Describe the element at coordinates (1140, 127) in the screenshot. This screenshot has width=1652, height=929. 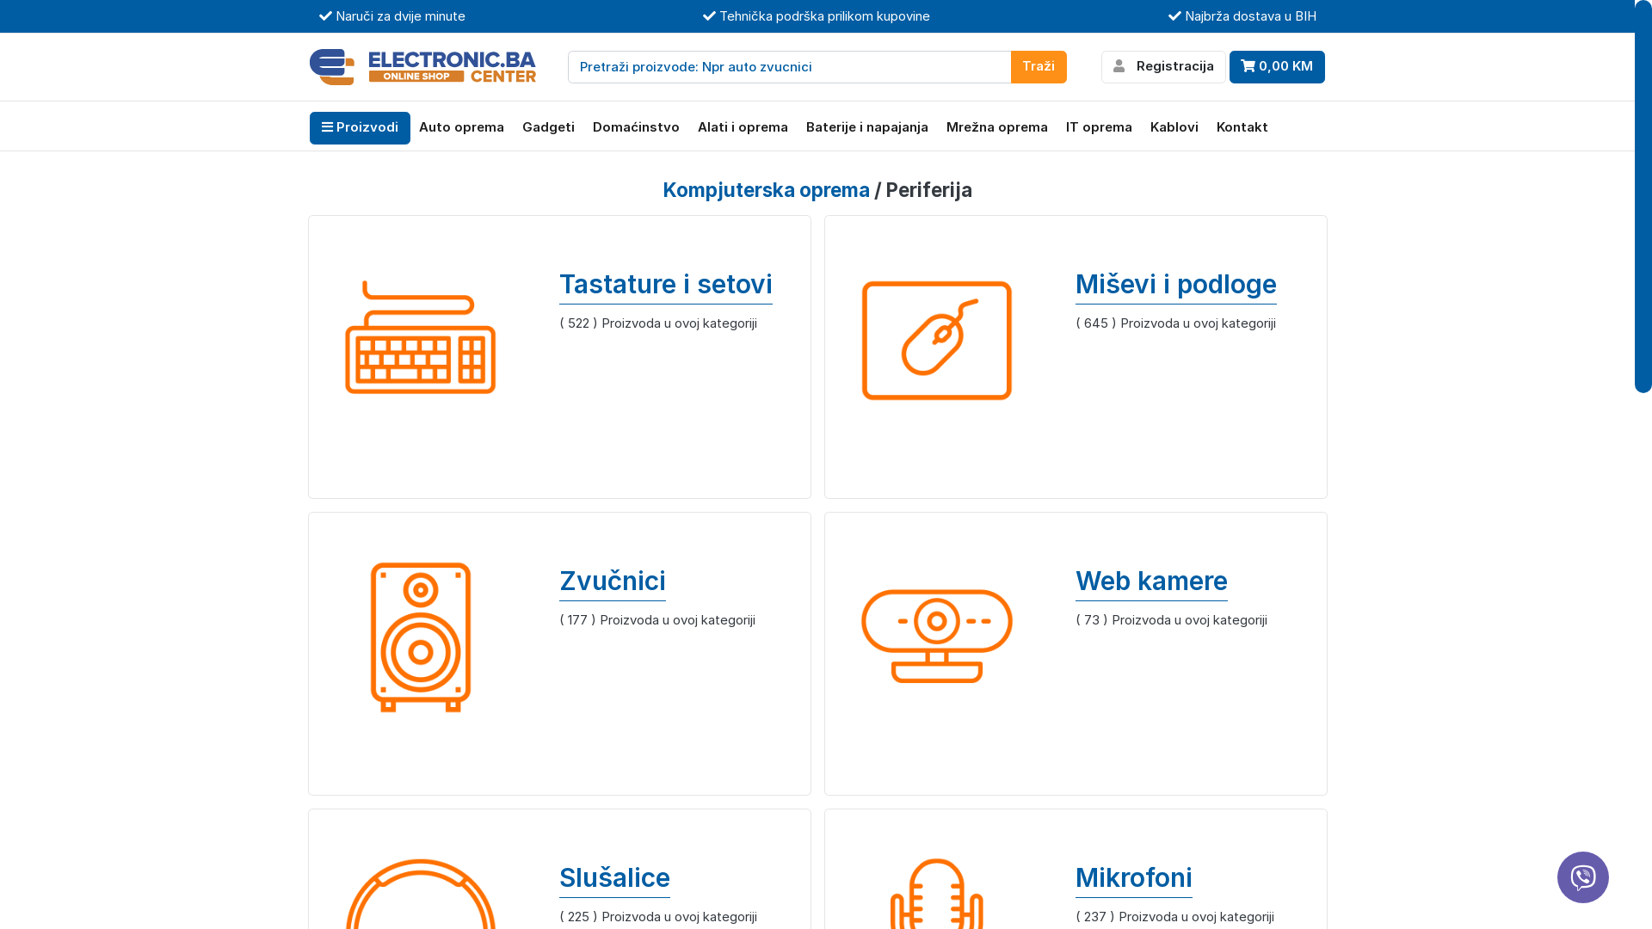
I see `'Kablovi'` at that location.